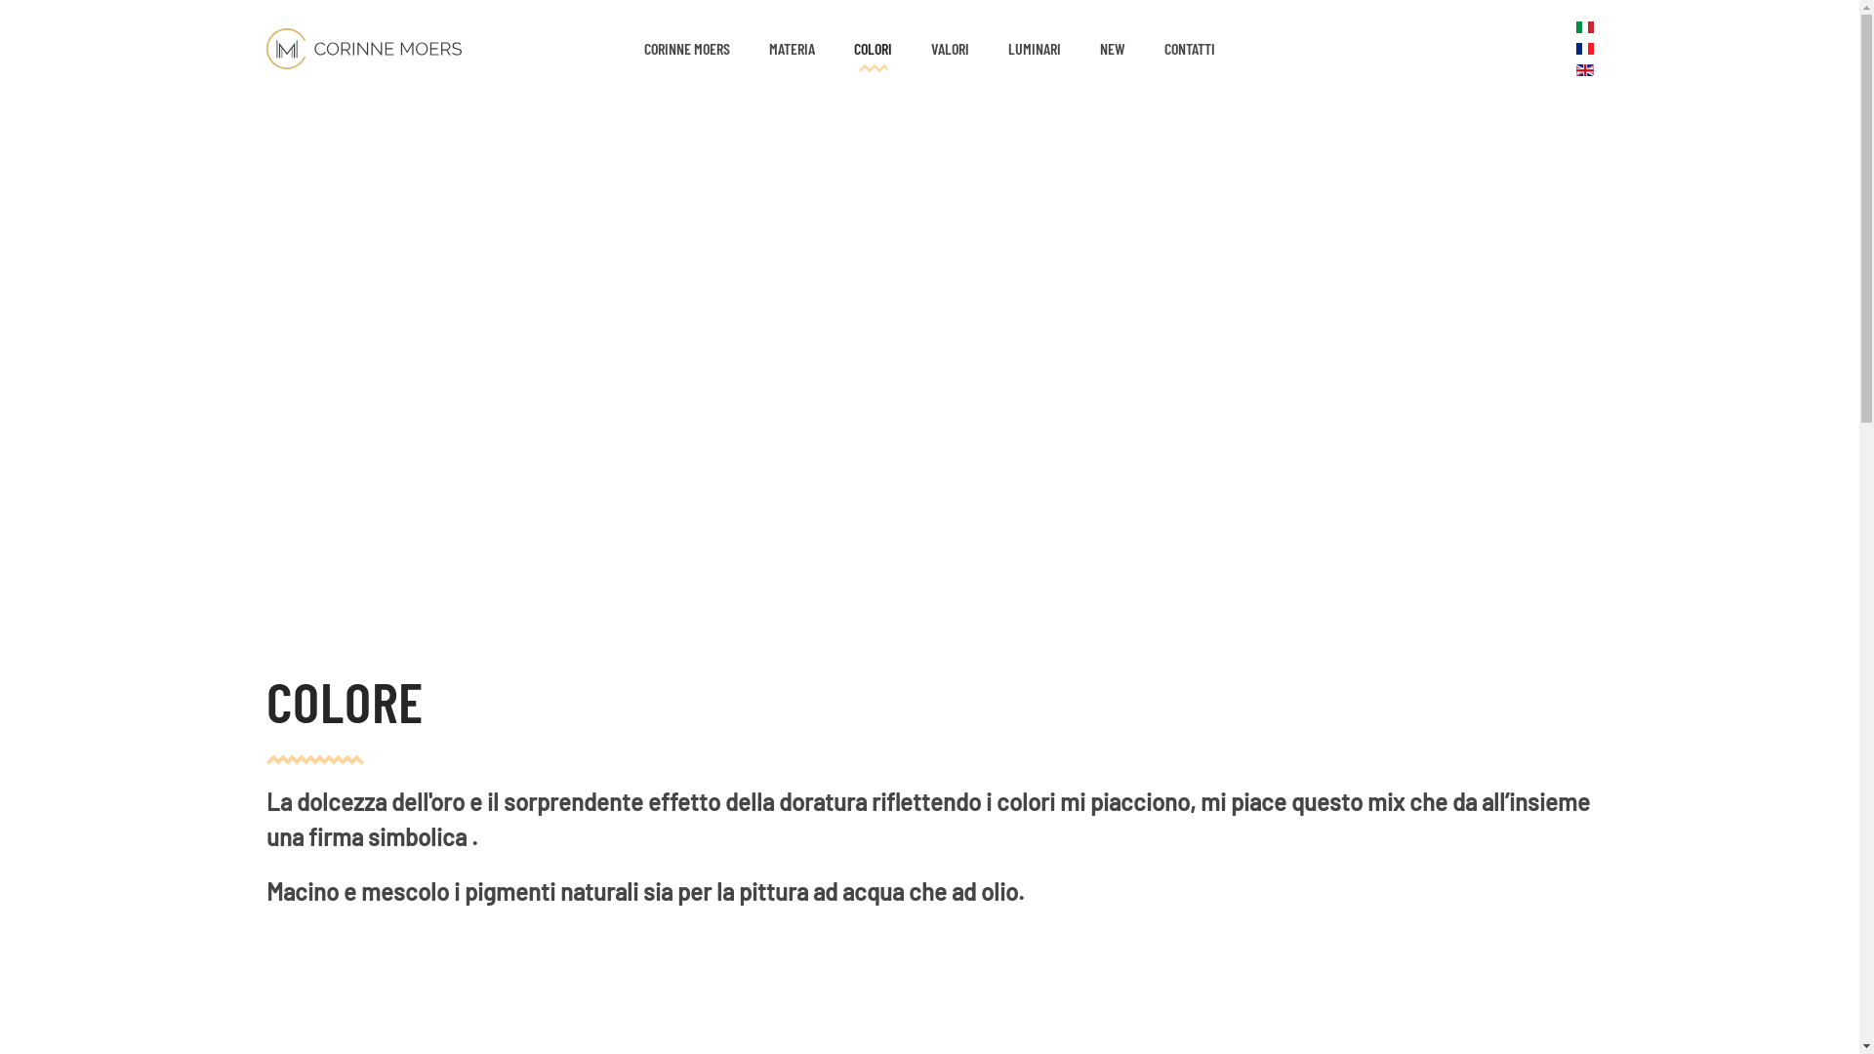 The height and width of the screenshot is (1054, 1874). What do you see at coordinates (872, 48) in the screenshot?
I see `'COLORI'` at bounding box center [872, 48].